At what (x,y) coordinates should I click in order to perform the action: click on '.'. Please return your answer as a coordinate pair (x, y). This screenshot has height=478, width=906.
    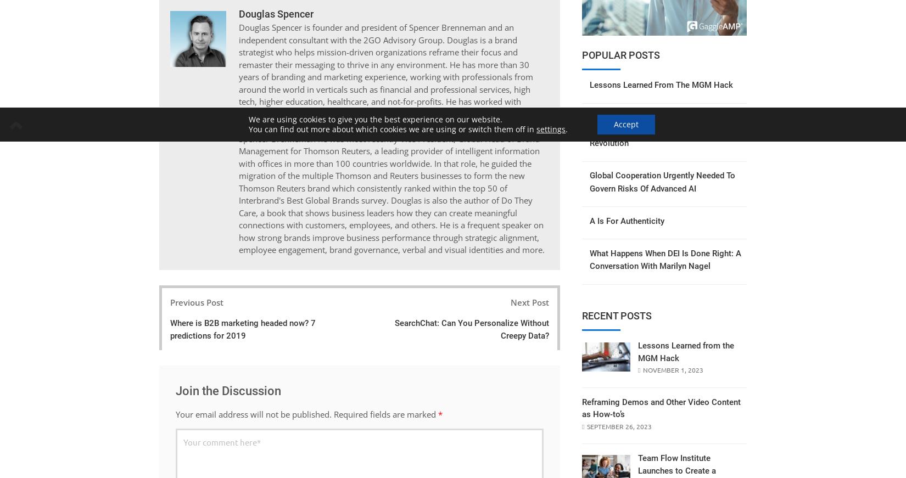
    Looking at the image, I should click on (567, 129).